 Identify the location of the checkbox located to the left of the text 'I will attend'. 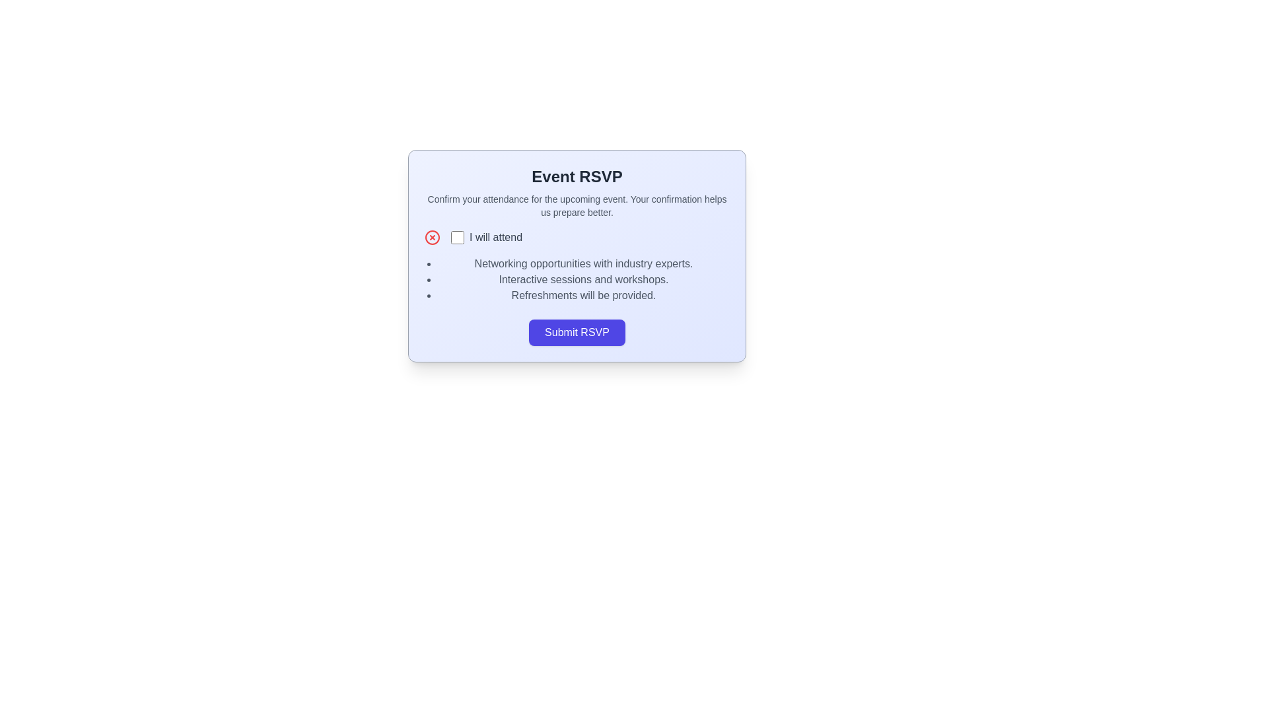
(457, 236).